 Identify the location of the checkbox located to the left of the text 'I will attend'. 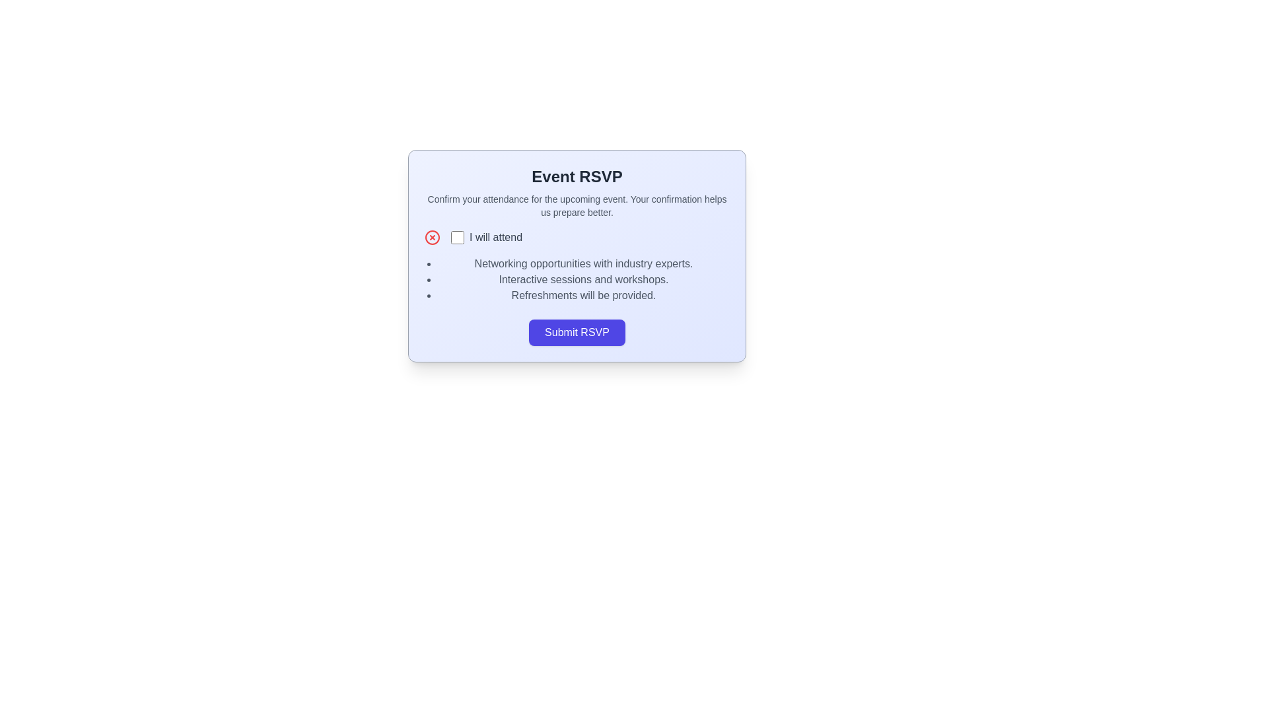
(457, 236).